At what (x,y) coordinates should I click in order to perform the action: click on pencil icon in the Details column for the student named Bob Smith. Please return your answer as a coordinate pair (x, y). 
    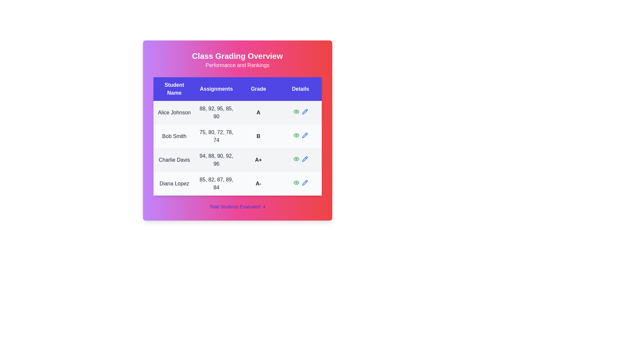
    Looking at the image, I should click on (304, 135).